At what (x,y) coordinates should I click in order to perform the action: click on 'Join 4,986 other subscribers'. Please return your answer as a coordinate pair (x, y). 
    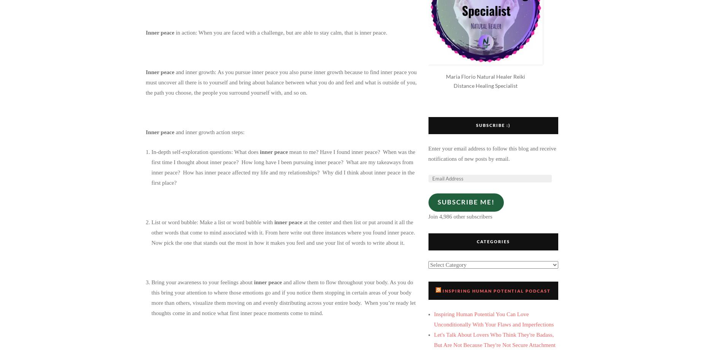
    Looking at the image, I should click on (459, 215).